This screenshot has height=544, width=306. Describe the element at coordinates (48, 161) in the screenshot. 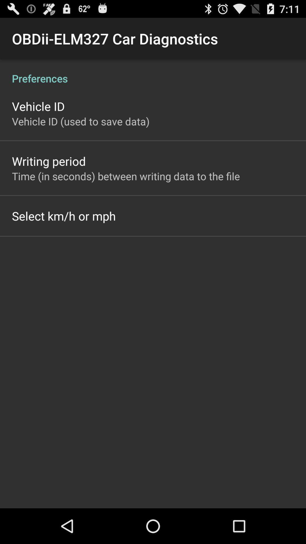

I see `icon below the vehicle id used app` at that location.